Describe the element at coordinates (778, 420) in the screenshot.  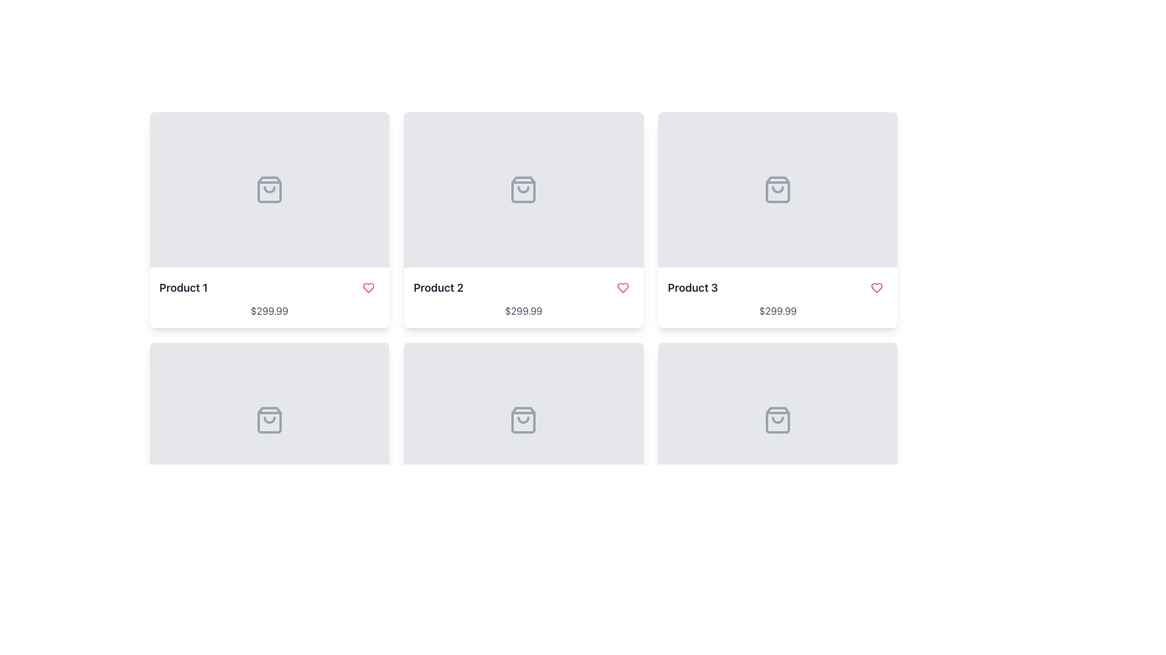
I see `the gray shopping bag icon, which is the main body of the composite shopping bag SVG graphic located in the bottom-right cell of the grid layout` at that location.